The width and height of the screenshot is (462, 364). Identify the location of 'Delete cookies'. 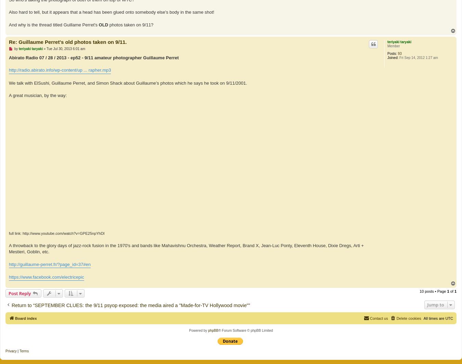
(408, 317).